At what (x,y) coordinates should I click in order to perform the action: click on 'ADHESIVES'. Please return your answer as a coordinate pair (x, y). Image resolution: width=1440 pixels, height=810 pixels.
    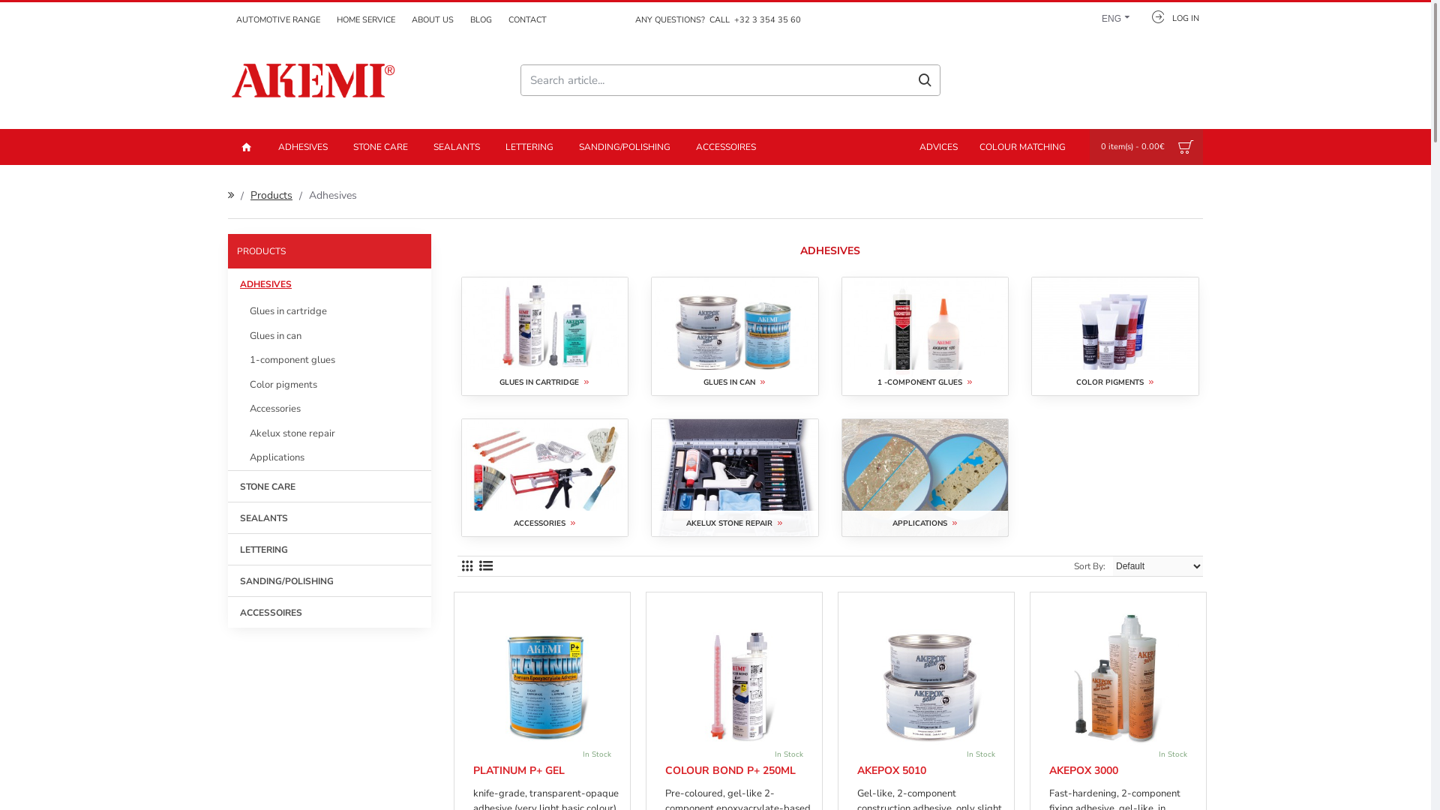
    Looking at the image, I should click on (301, 147).